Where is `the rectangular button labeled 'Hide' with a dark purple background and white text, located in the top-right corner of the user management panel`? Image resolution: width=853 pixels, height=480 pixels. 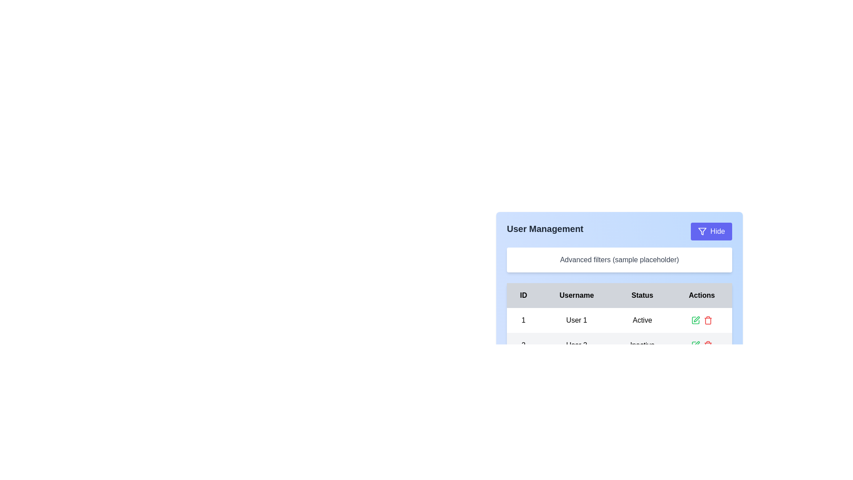
the rectangular button labeled 'Hide' with a dark purple background and white text, located in the top-right corner of the user management panel is located at coordinates (711, 231).